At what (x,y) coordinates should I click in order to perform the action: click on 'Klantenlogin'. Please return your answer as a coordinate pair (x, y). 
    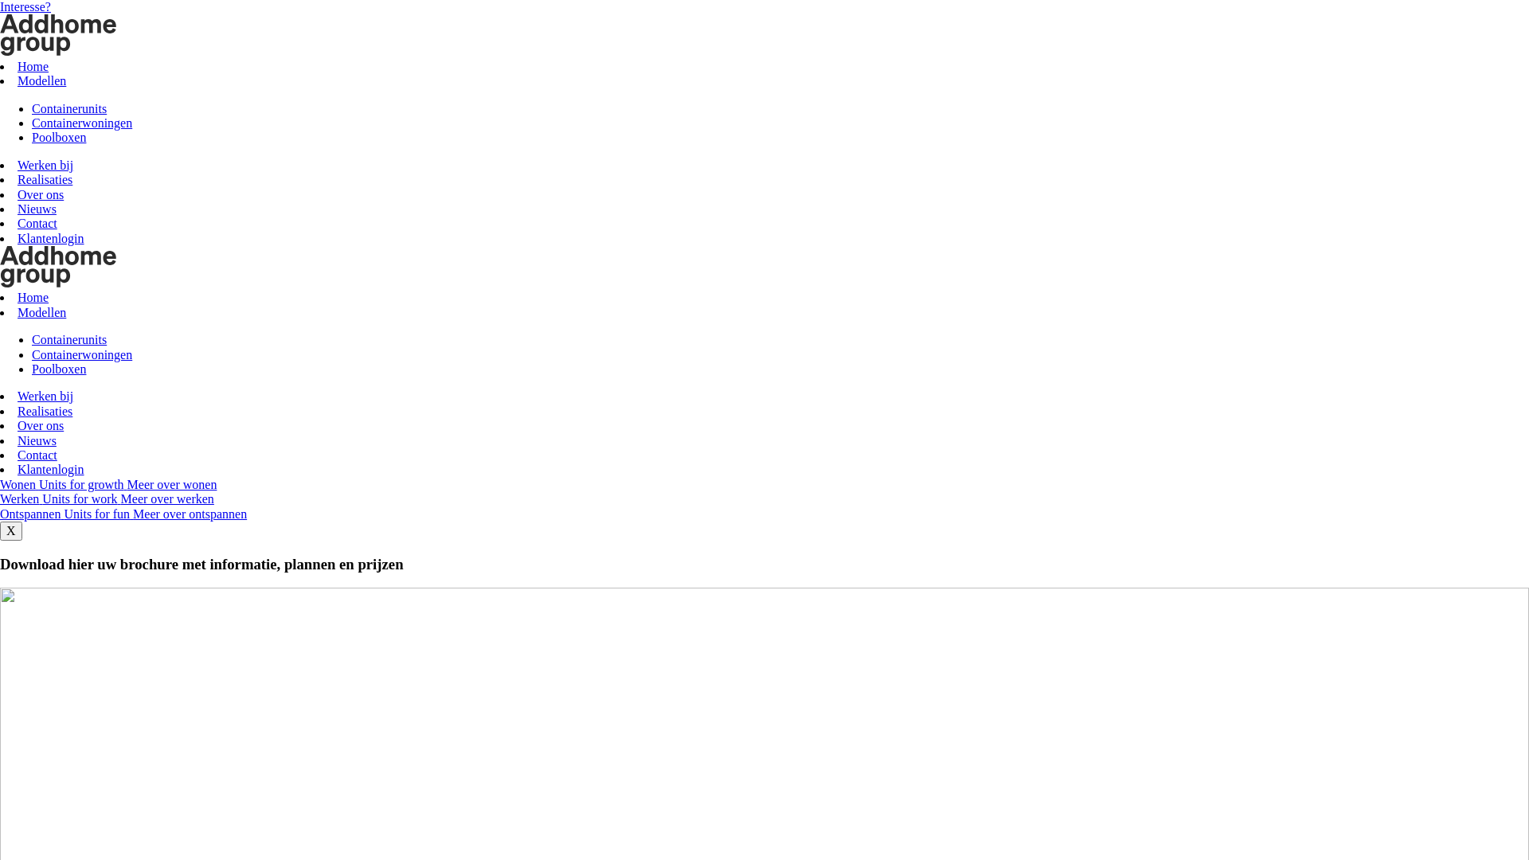
    Looking at the image, I should click on (18, 238).